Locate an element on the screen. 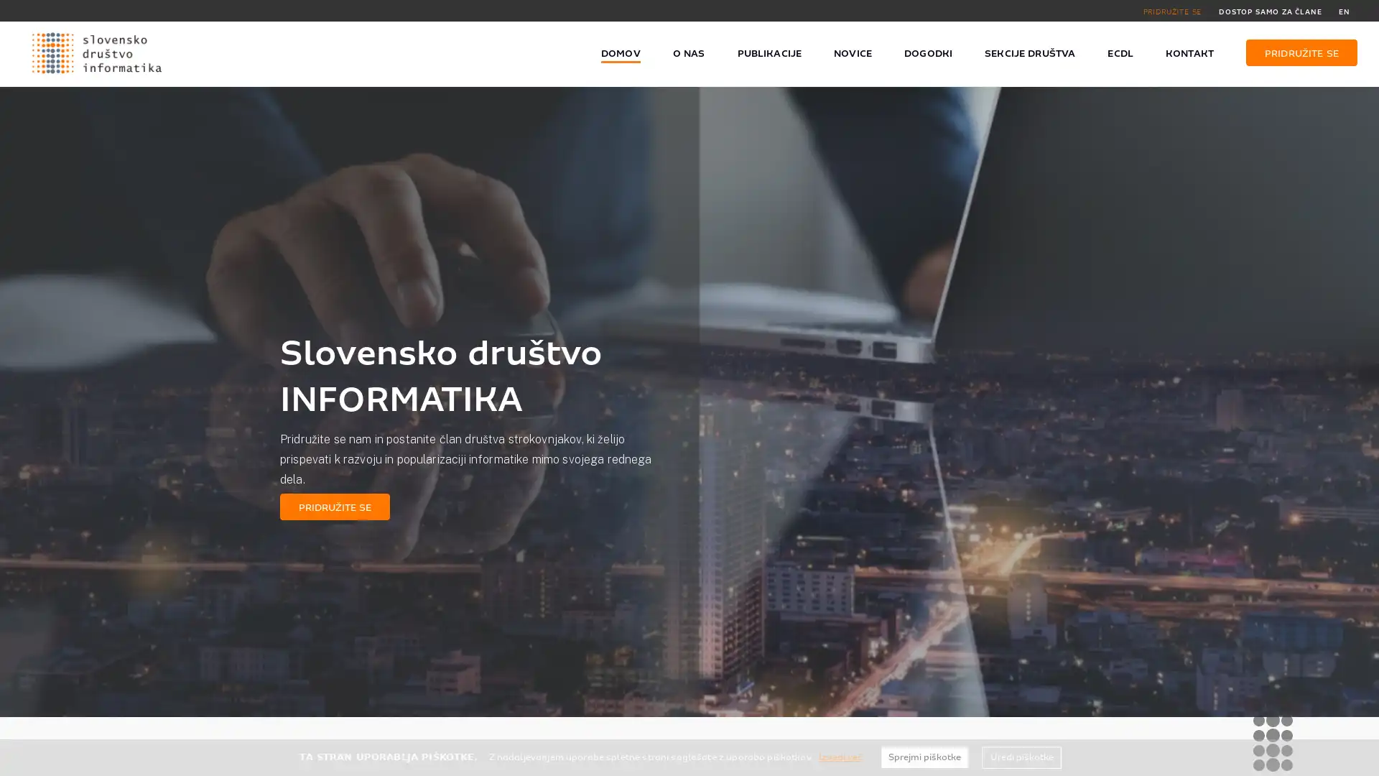  PRIDRUZITE SE is located at coordinates (334, 506).